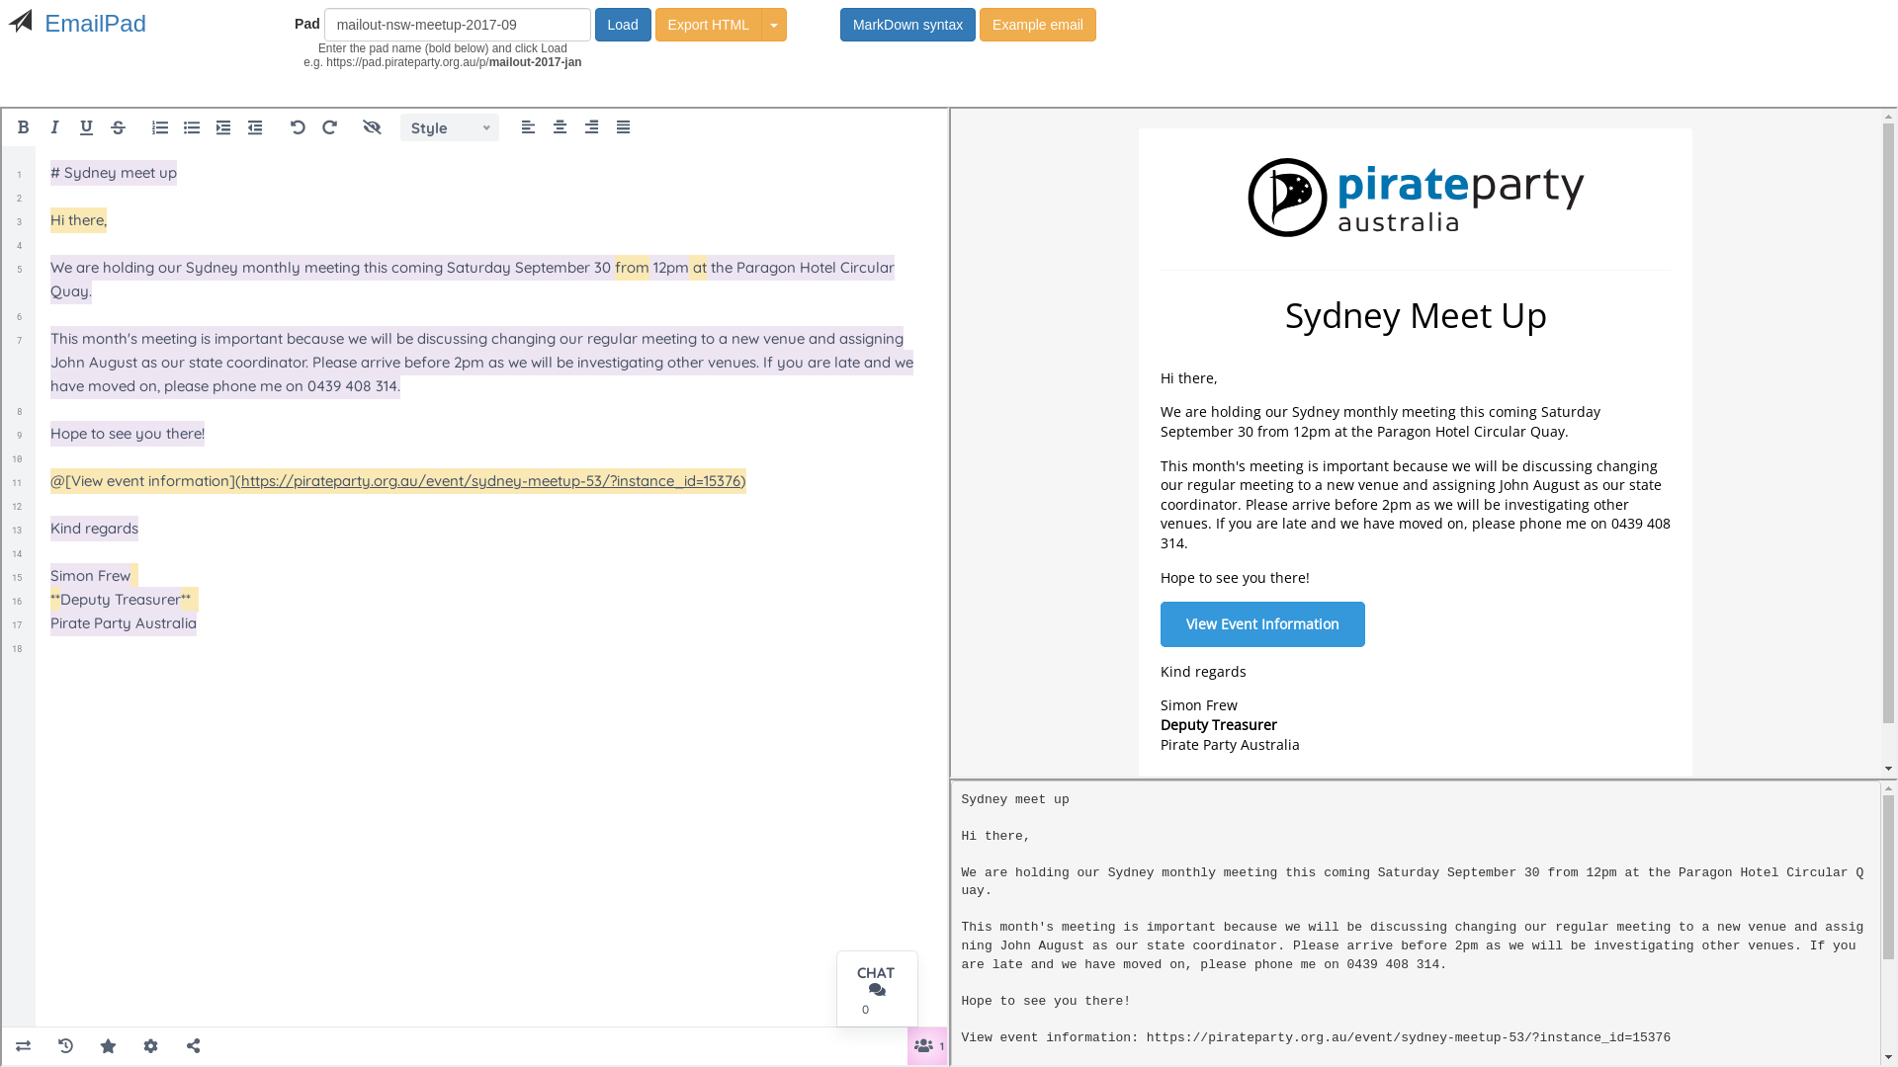  What do you see at coordinates (708, 24) in the screenshot?
I see `'Export HTML'` at bounding box center [708, 24].